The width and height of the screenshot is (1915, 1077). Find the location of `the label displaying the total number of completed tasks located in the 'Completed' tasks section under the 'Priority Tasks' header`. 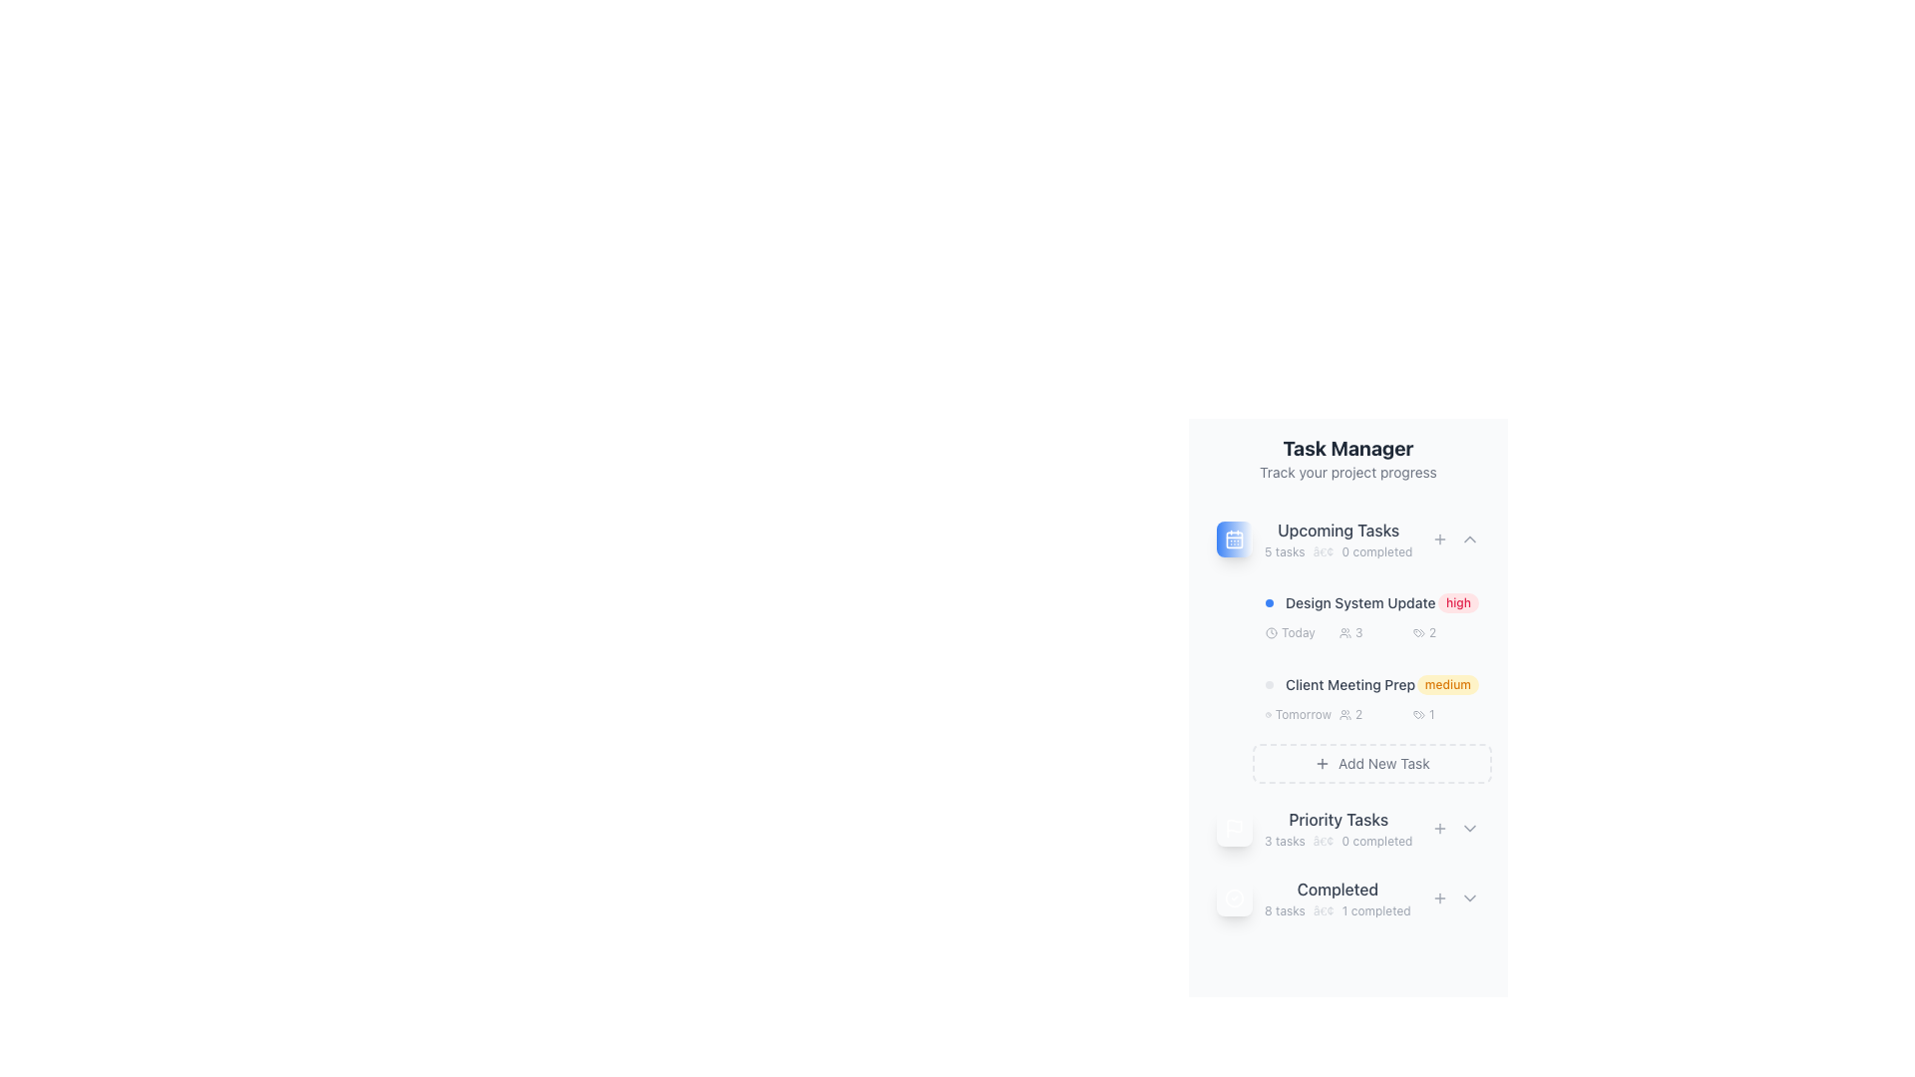

the label displaying the total number of completed tasks located in the 'Completed' tasks section under the 'Priority Tasks' header is located at coordinates (1285, 911).